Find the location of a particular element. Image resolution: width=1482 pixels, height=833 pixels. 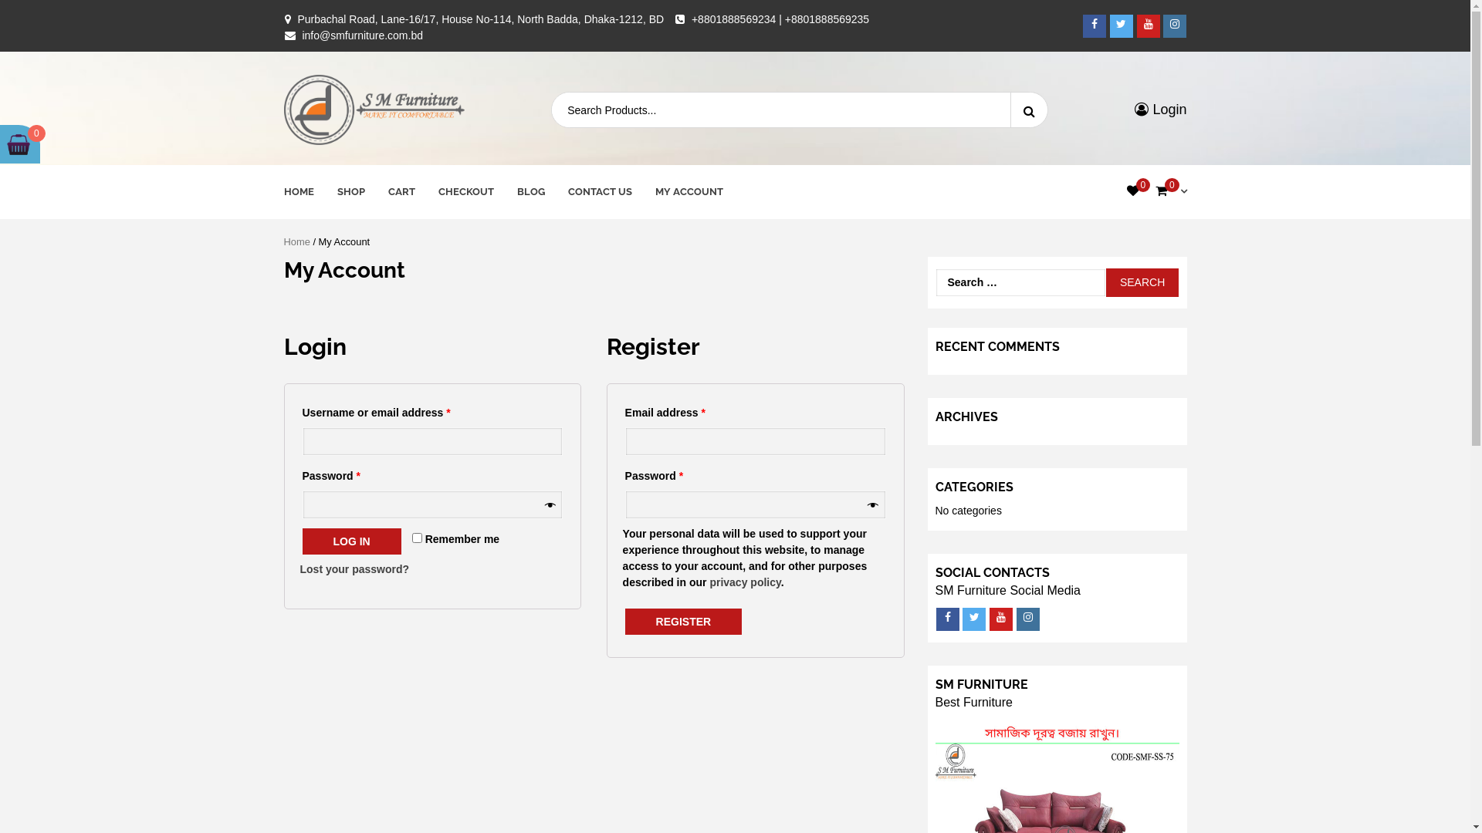

'SHOP' is located at coordinates (350, 191).